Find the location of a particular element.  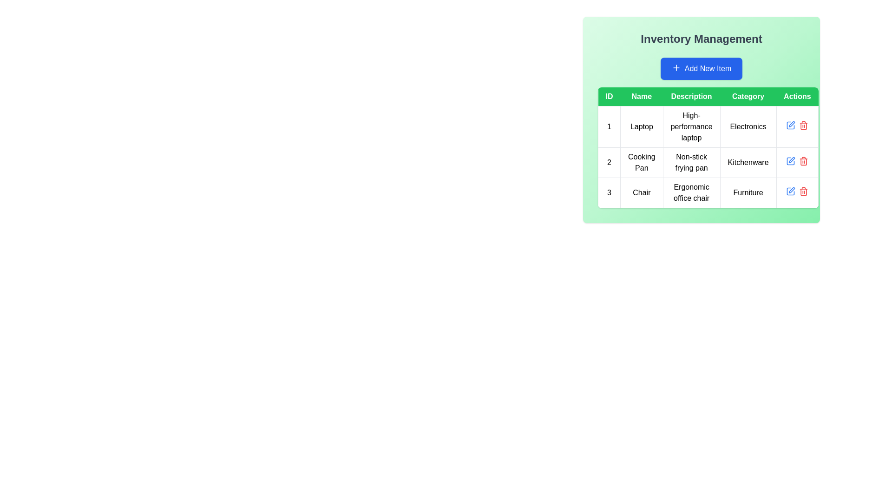

the edit icon button resembling a pen located in the 'Actions' column next to the trash bin icon for the second item 'Cooking Pan' is located at coordinates (791, 159).